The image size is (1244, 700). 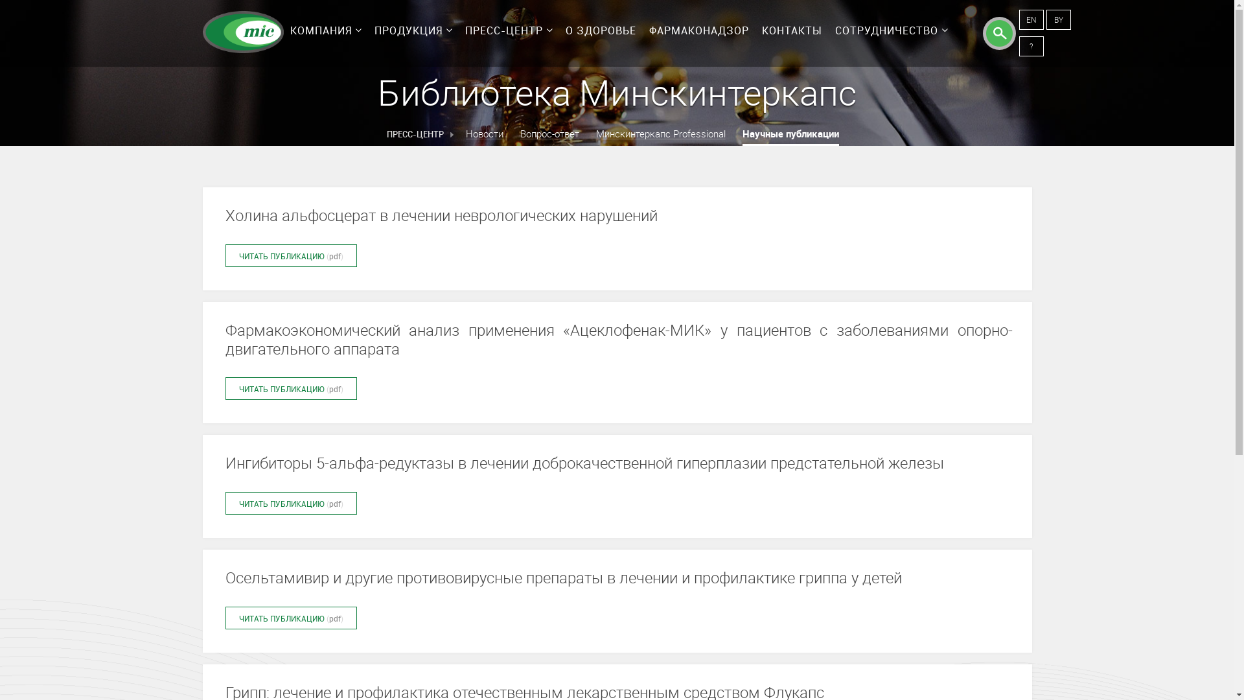 What do you see at coordinates (1030, 19) in the screenshot?
I see `'EN'` at bounding box center [1030, 19].